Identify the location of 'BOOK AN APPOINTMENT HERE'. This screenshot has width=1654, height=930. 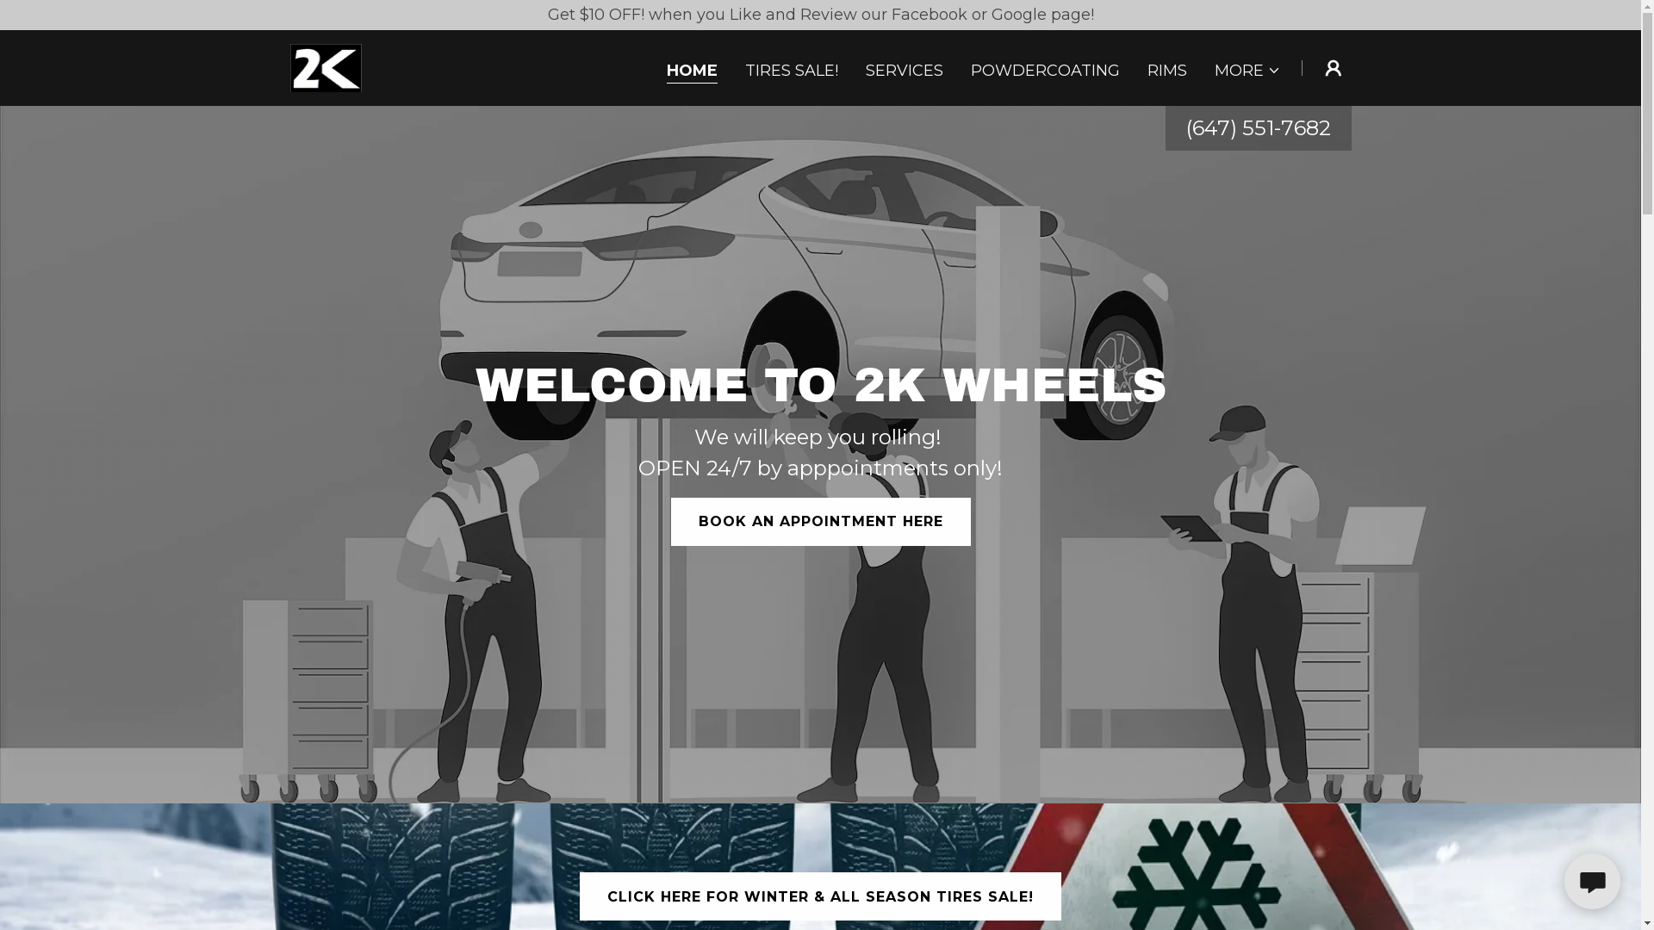
(818, 520).